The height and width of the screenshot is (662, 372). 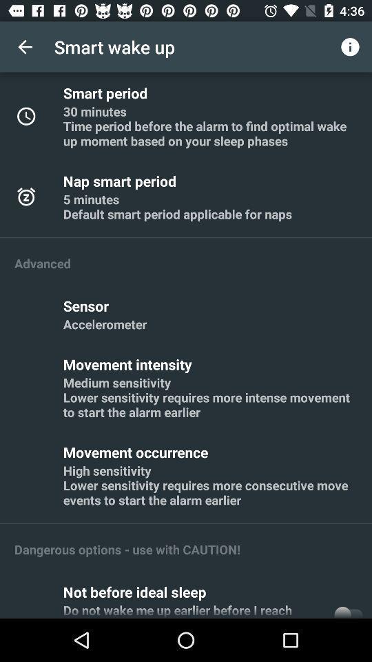 I want to click on item below sensor item, so click(x=104, y=324).